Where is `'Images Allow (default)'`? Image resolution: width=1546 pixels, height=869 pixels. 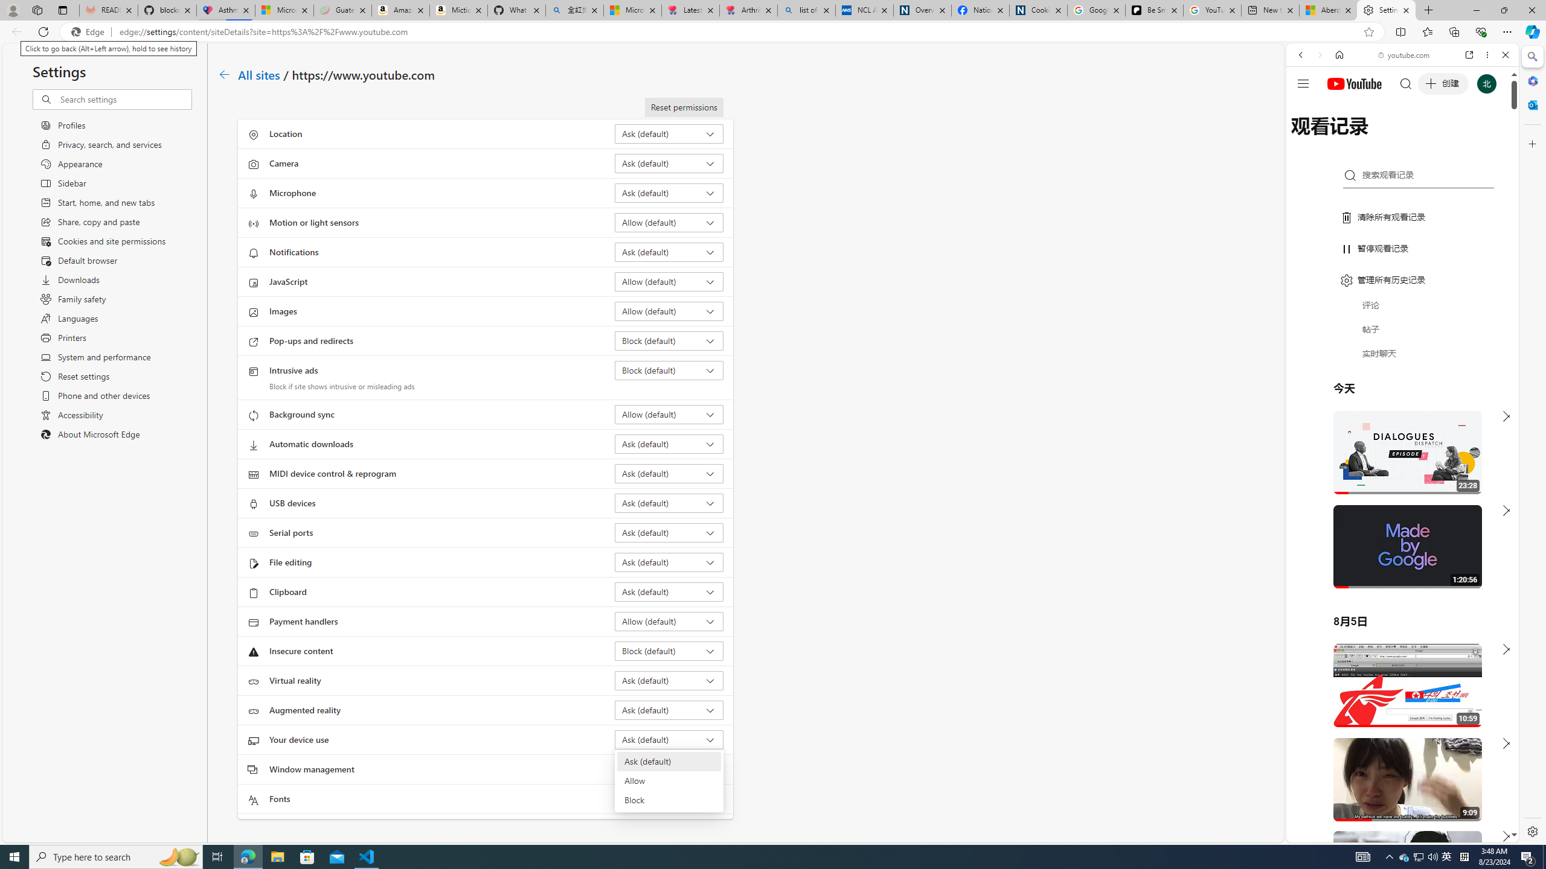 'Images Allow (default)' is located at coordinates (669, 310).